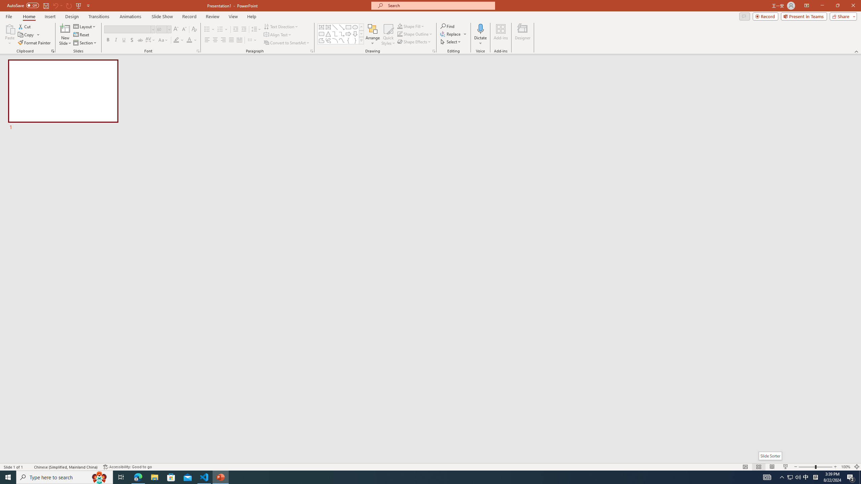 Image resolution: width=861 pixels, height=484 pixels. I want to click on 'Quick Access Toolbar', so click(48, 5).